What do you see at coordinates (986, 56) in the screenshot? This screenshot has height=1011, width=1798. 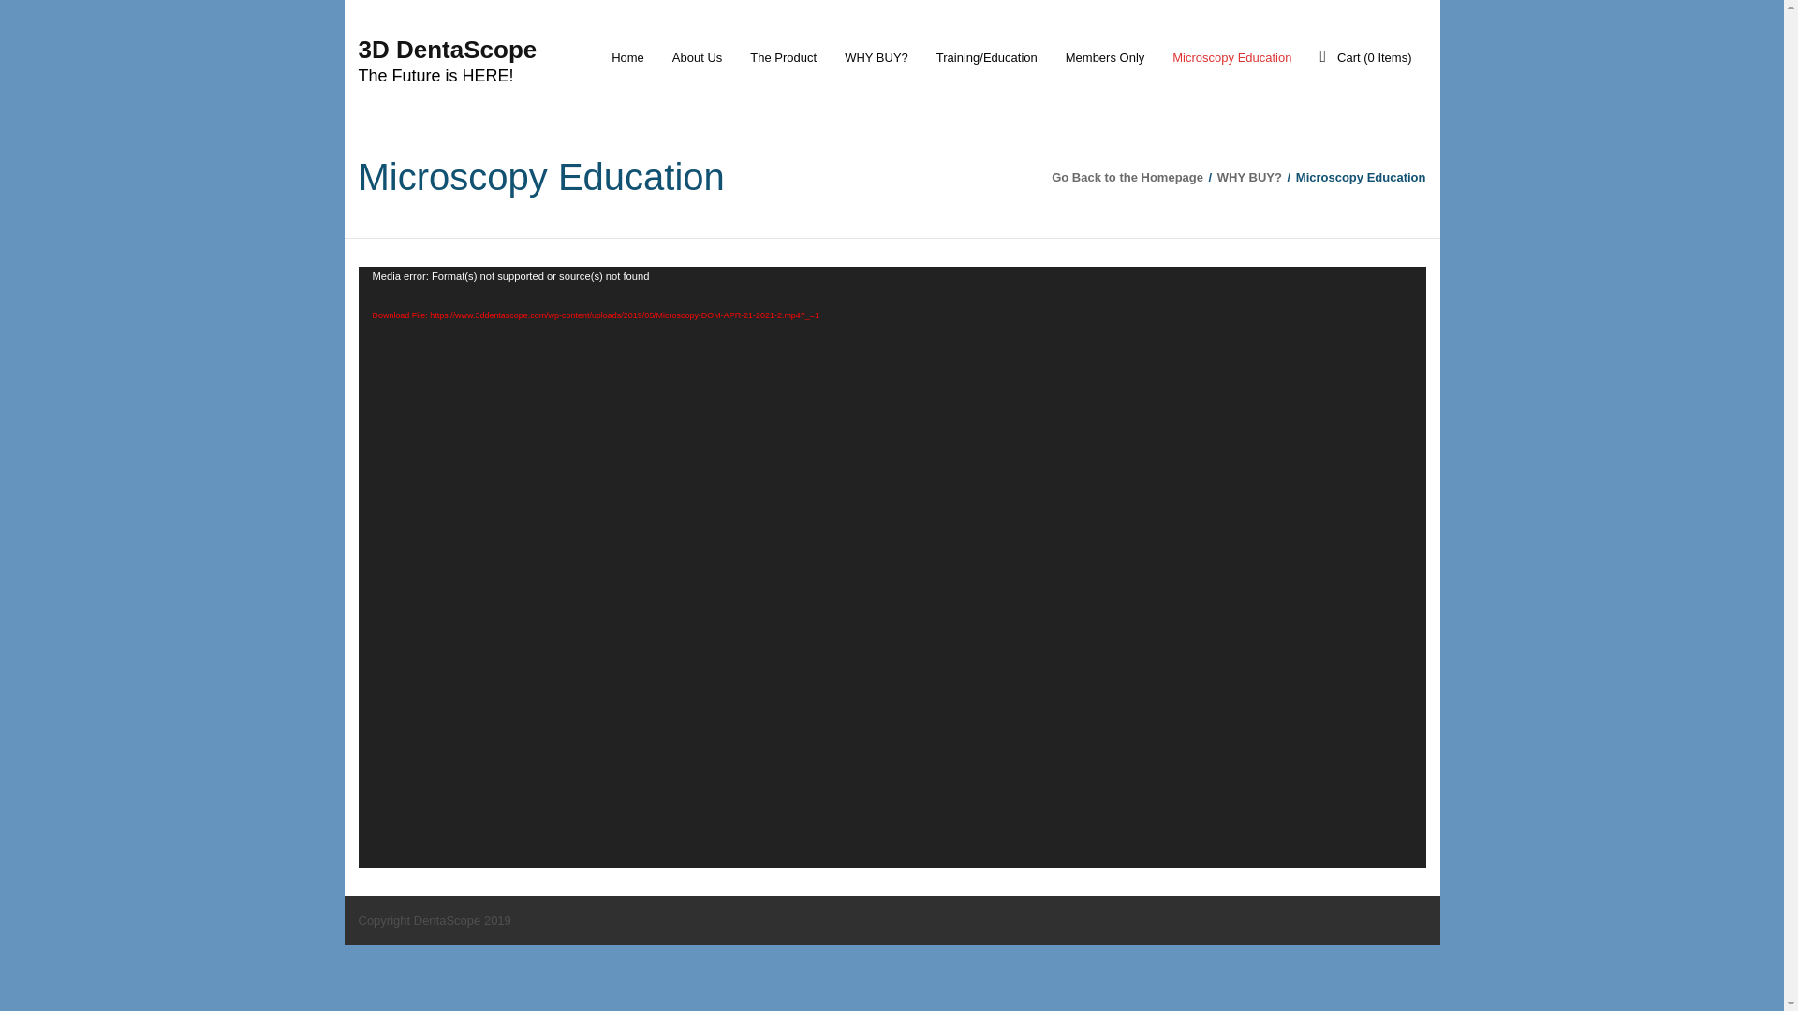 I see `'Training/Education'` at bounding box center [986, 56].